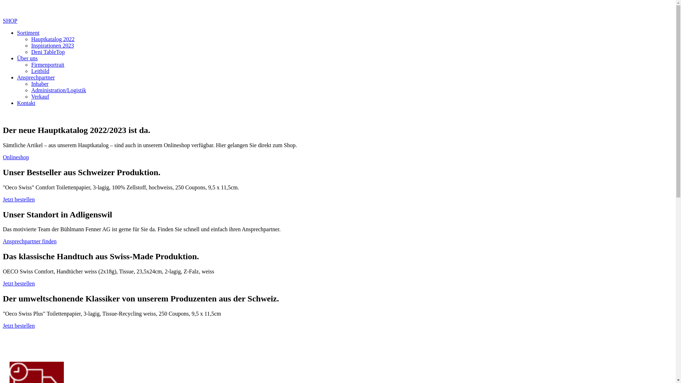  Describe the element at coordinates (31, 51) in the screenshot. I see `'Deni TableTop'` at that location.